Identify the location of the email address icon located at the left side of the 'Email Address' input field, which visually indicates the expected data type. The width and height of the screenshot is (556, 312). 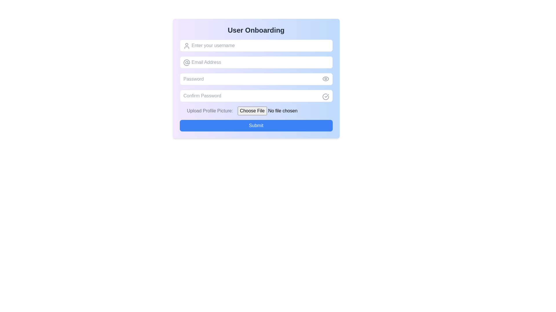
(186, 62).